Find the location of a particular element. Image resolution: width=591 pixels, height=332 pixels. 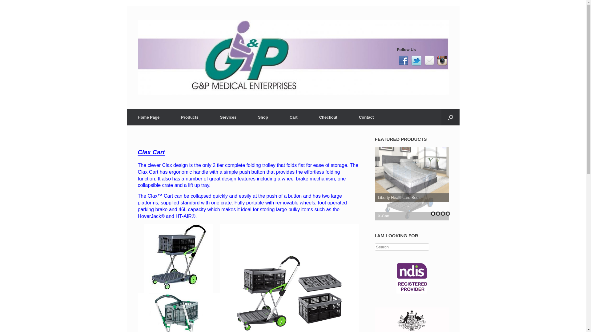

'Shop' is located at coordinates (247, 117).